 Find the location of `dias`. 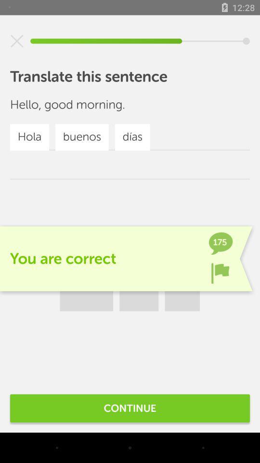

dias is located at coordinates (132, 136).